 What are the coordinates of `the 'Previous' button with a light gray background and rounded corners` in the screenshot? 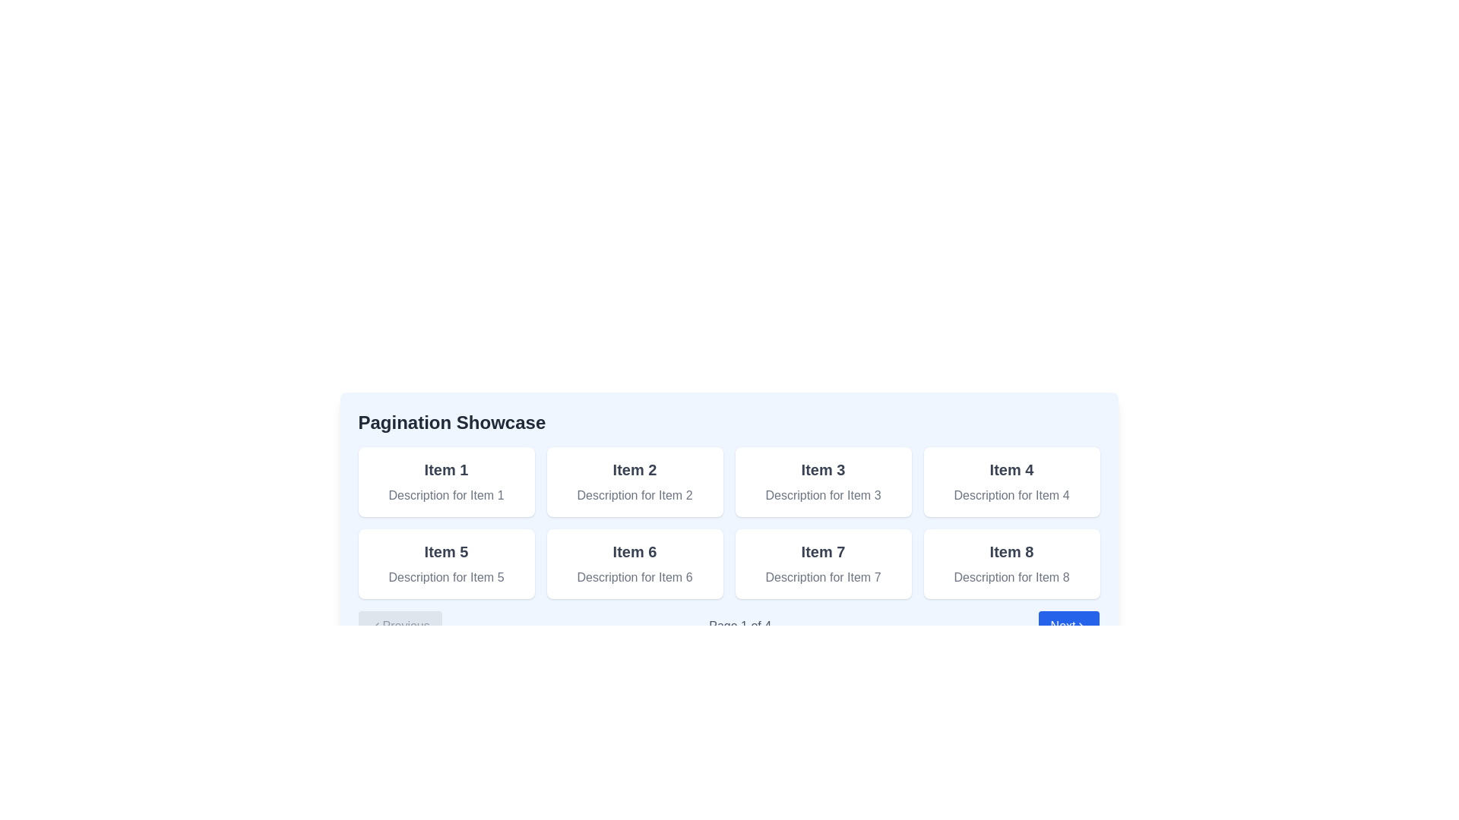 It's located at (400, 626).